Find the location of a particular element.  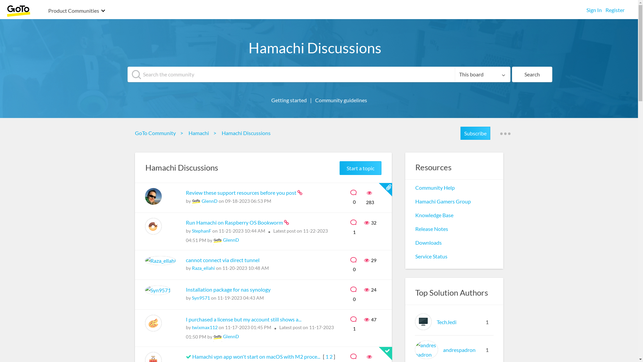

'Community Help' is located at coordinates (435, 187).